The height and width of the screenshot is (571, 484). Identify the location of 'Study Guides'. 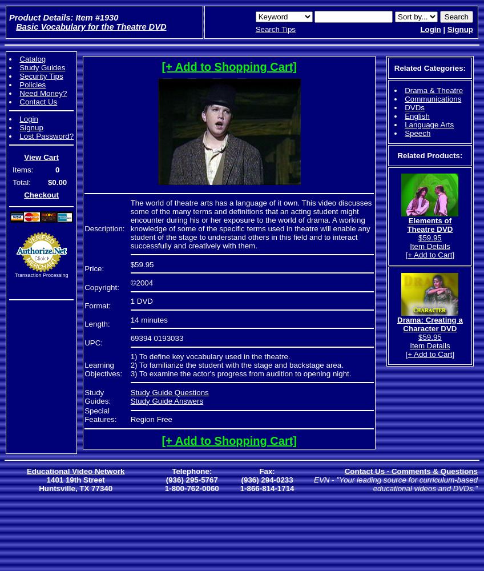
(19, 67).